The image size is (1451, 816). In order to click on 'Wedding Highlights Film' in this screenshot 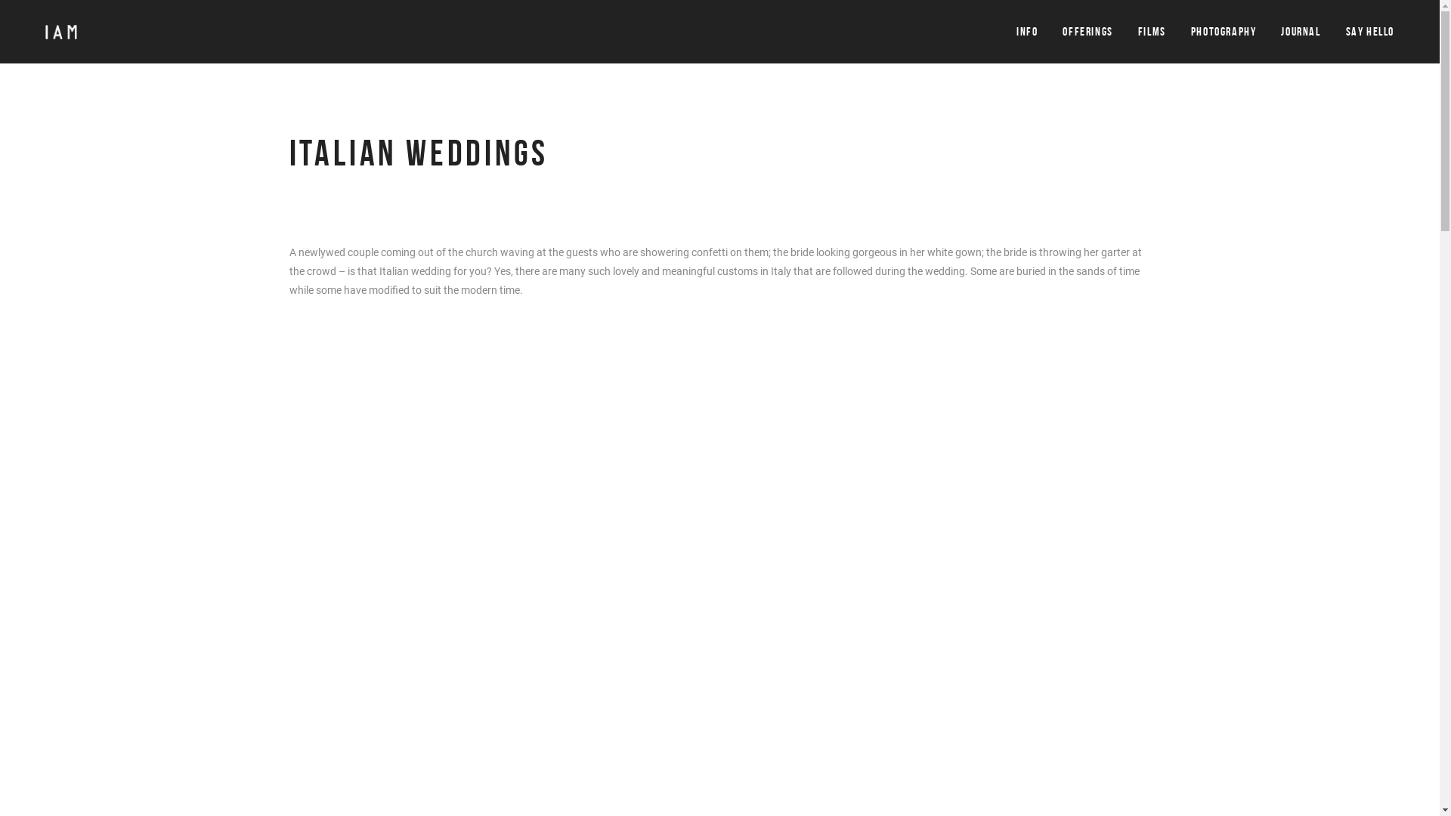, I will do `click(933, 574)`.